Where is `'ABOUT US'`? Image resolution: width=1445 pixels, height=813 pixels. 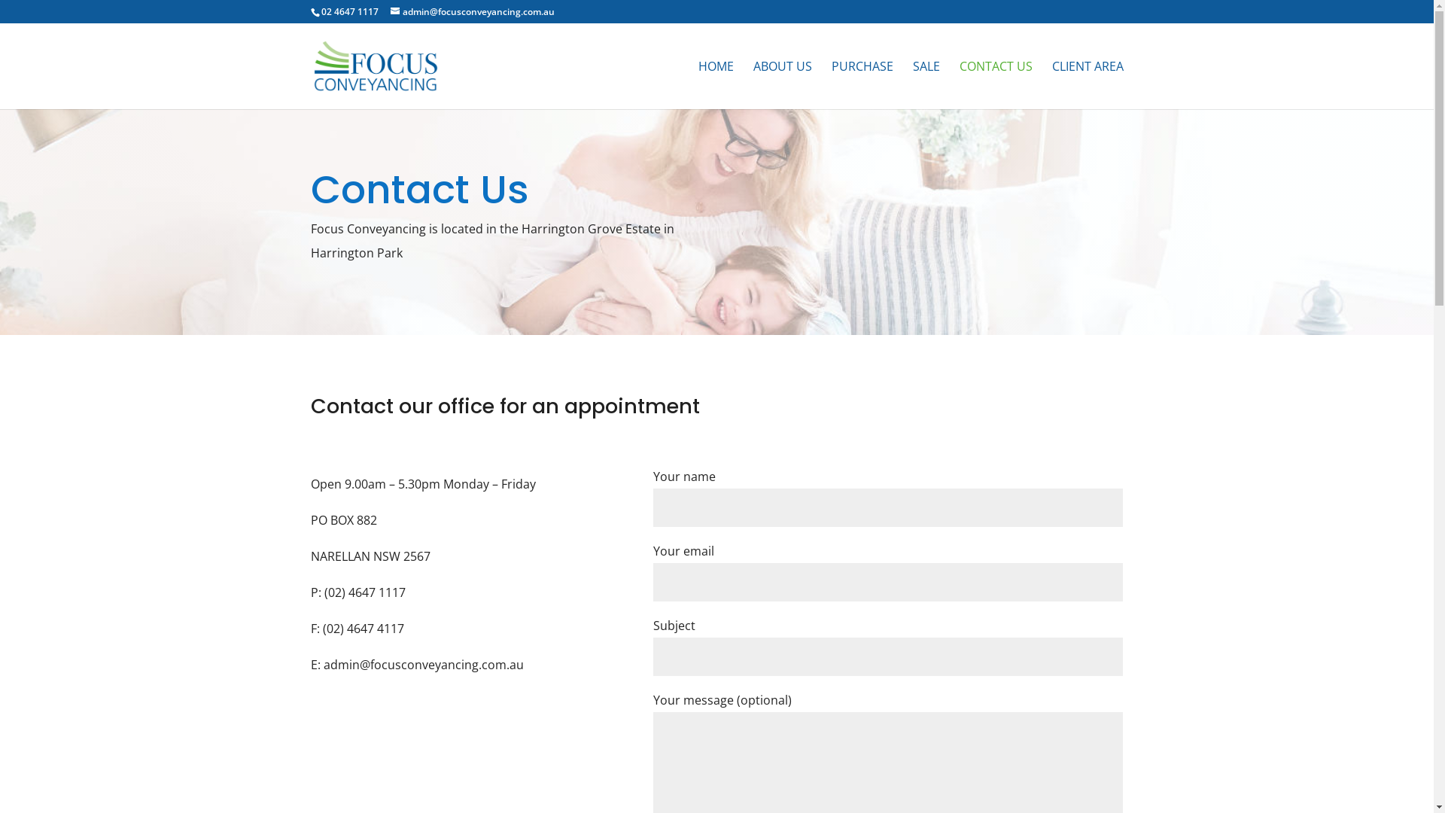 'ABOUT US' is located at coordinates (781, 84).